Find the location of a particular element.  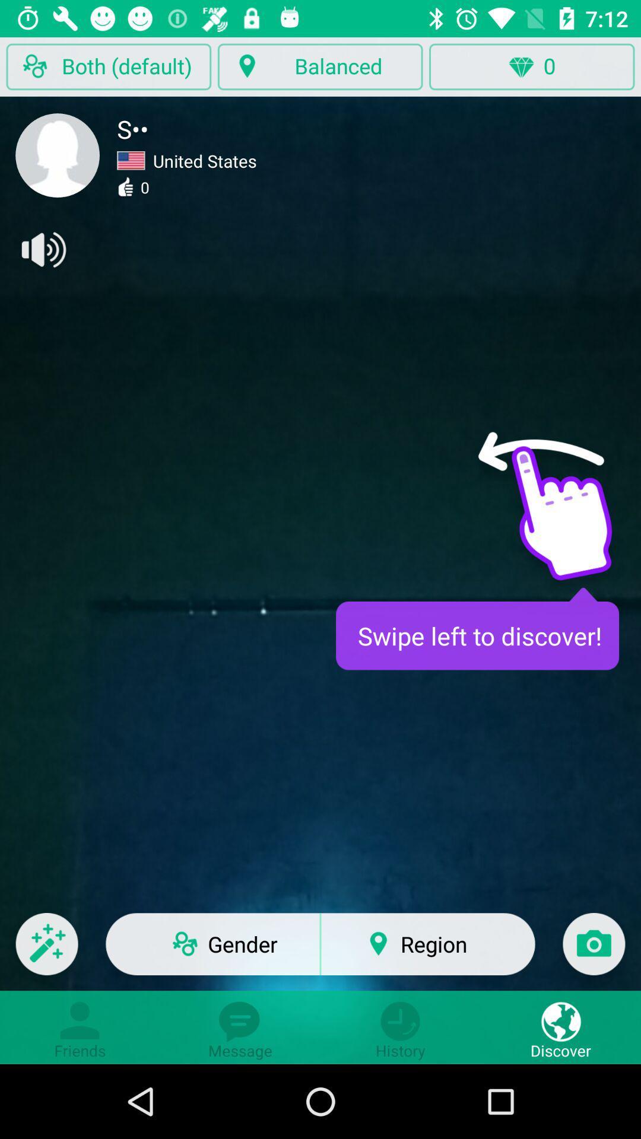

take picture is located at coordinates (594, 952).